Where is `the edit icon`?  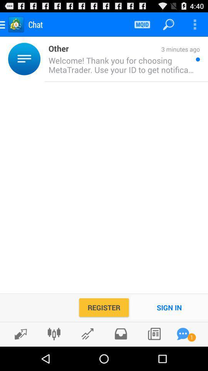
the edit icon is located at coordinates (87, 357).